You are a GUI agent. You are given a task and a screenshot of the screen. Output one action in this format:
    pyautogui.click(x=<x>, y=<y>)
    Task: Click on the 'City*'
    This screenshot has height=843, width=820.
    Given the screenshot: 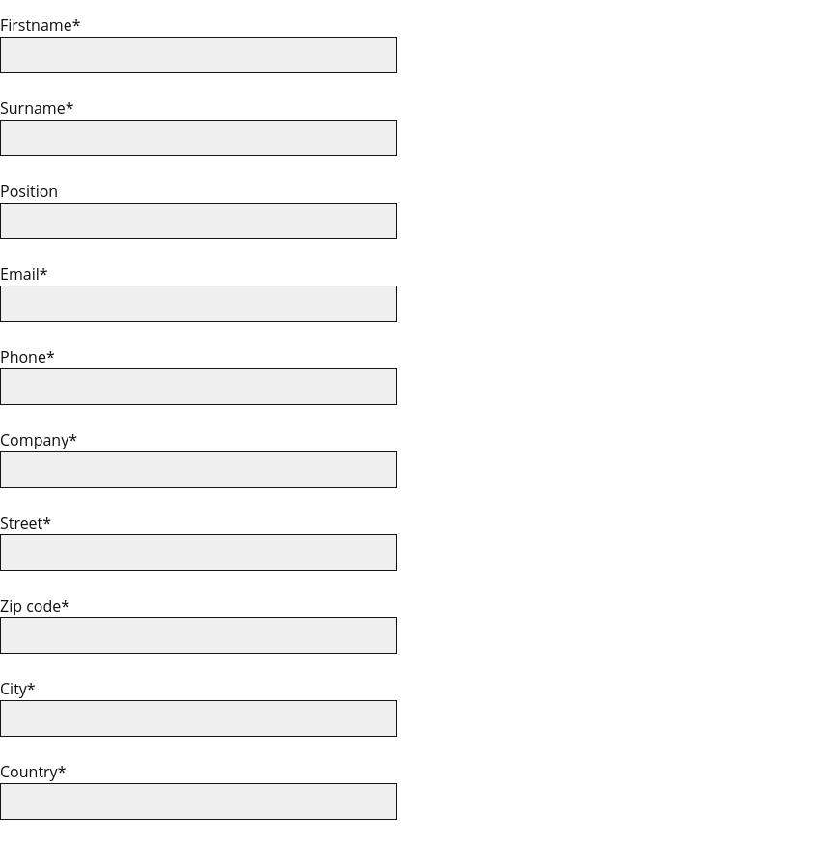 What is the action you would take?
    pyautogui.click(x=16, y=688)
    